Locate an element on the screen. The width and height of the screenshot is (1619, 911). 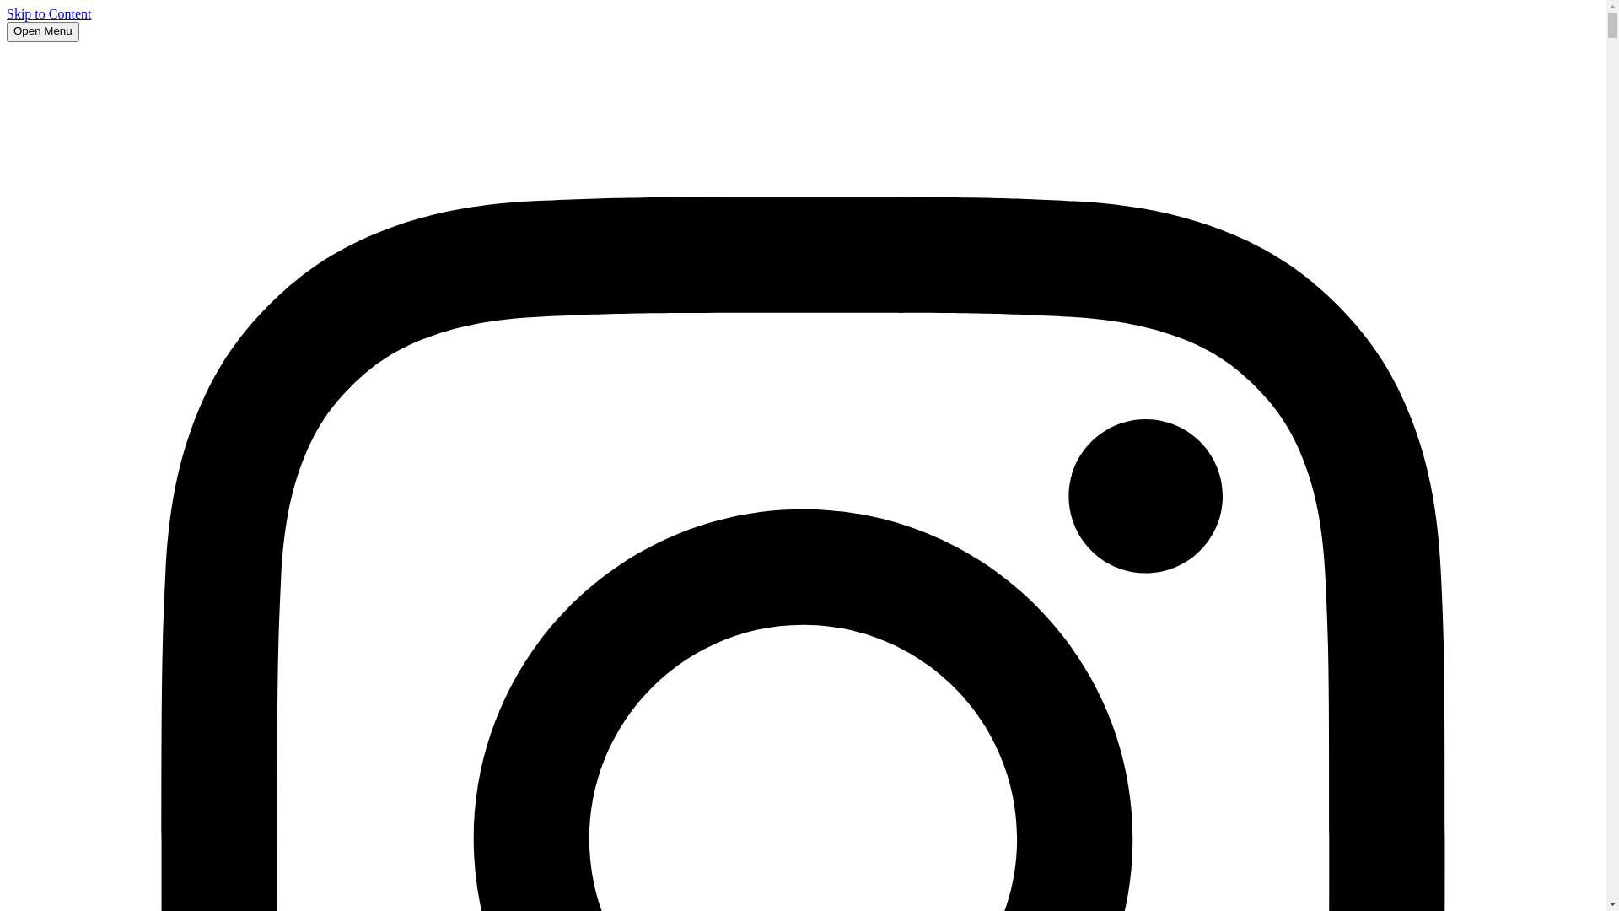
'Open Menu' is located at coordinates (43, 32).